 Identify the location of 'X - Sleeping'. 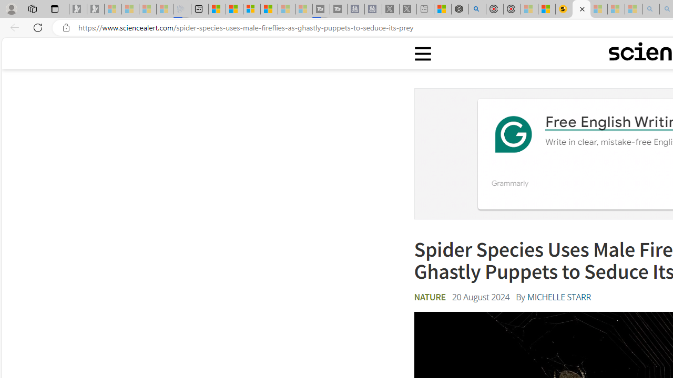
(407, 9).